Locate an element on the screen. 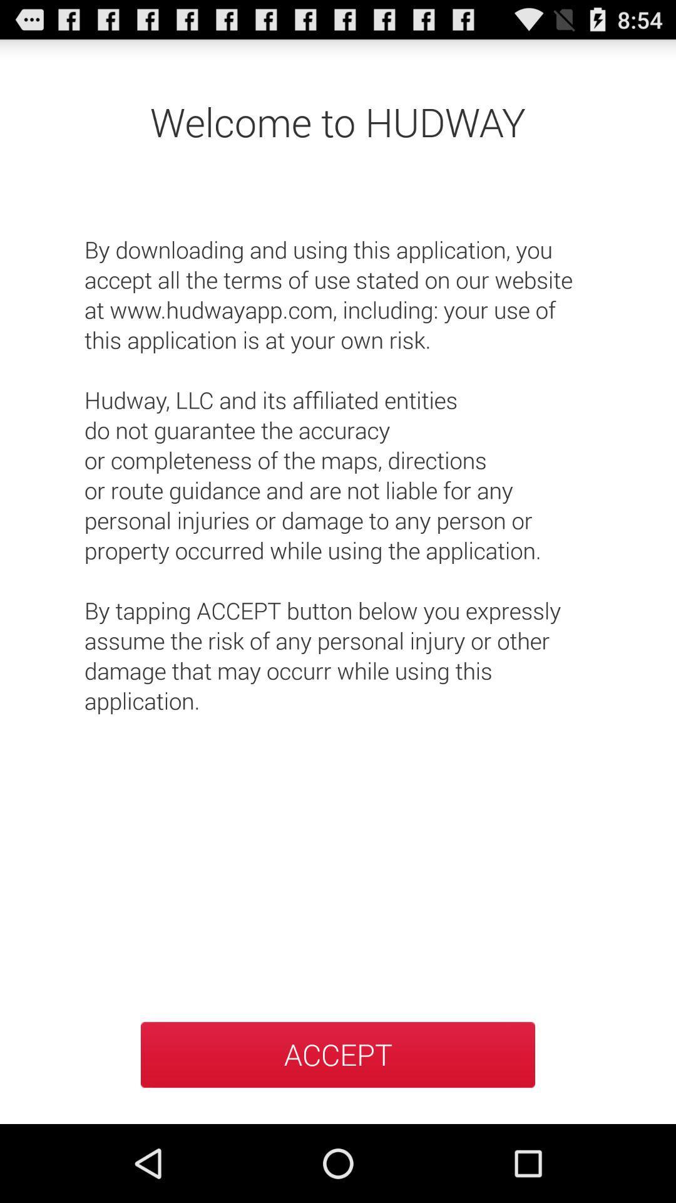  the by downloading and icon is located at coordinates (338, 459).